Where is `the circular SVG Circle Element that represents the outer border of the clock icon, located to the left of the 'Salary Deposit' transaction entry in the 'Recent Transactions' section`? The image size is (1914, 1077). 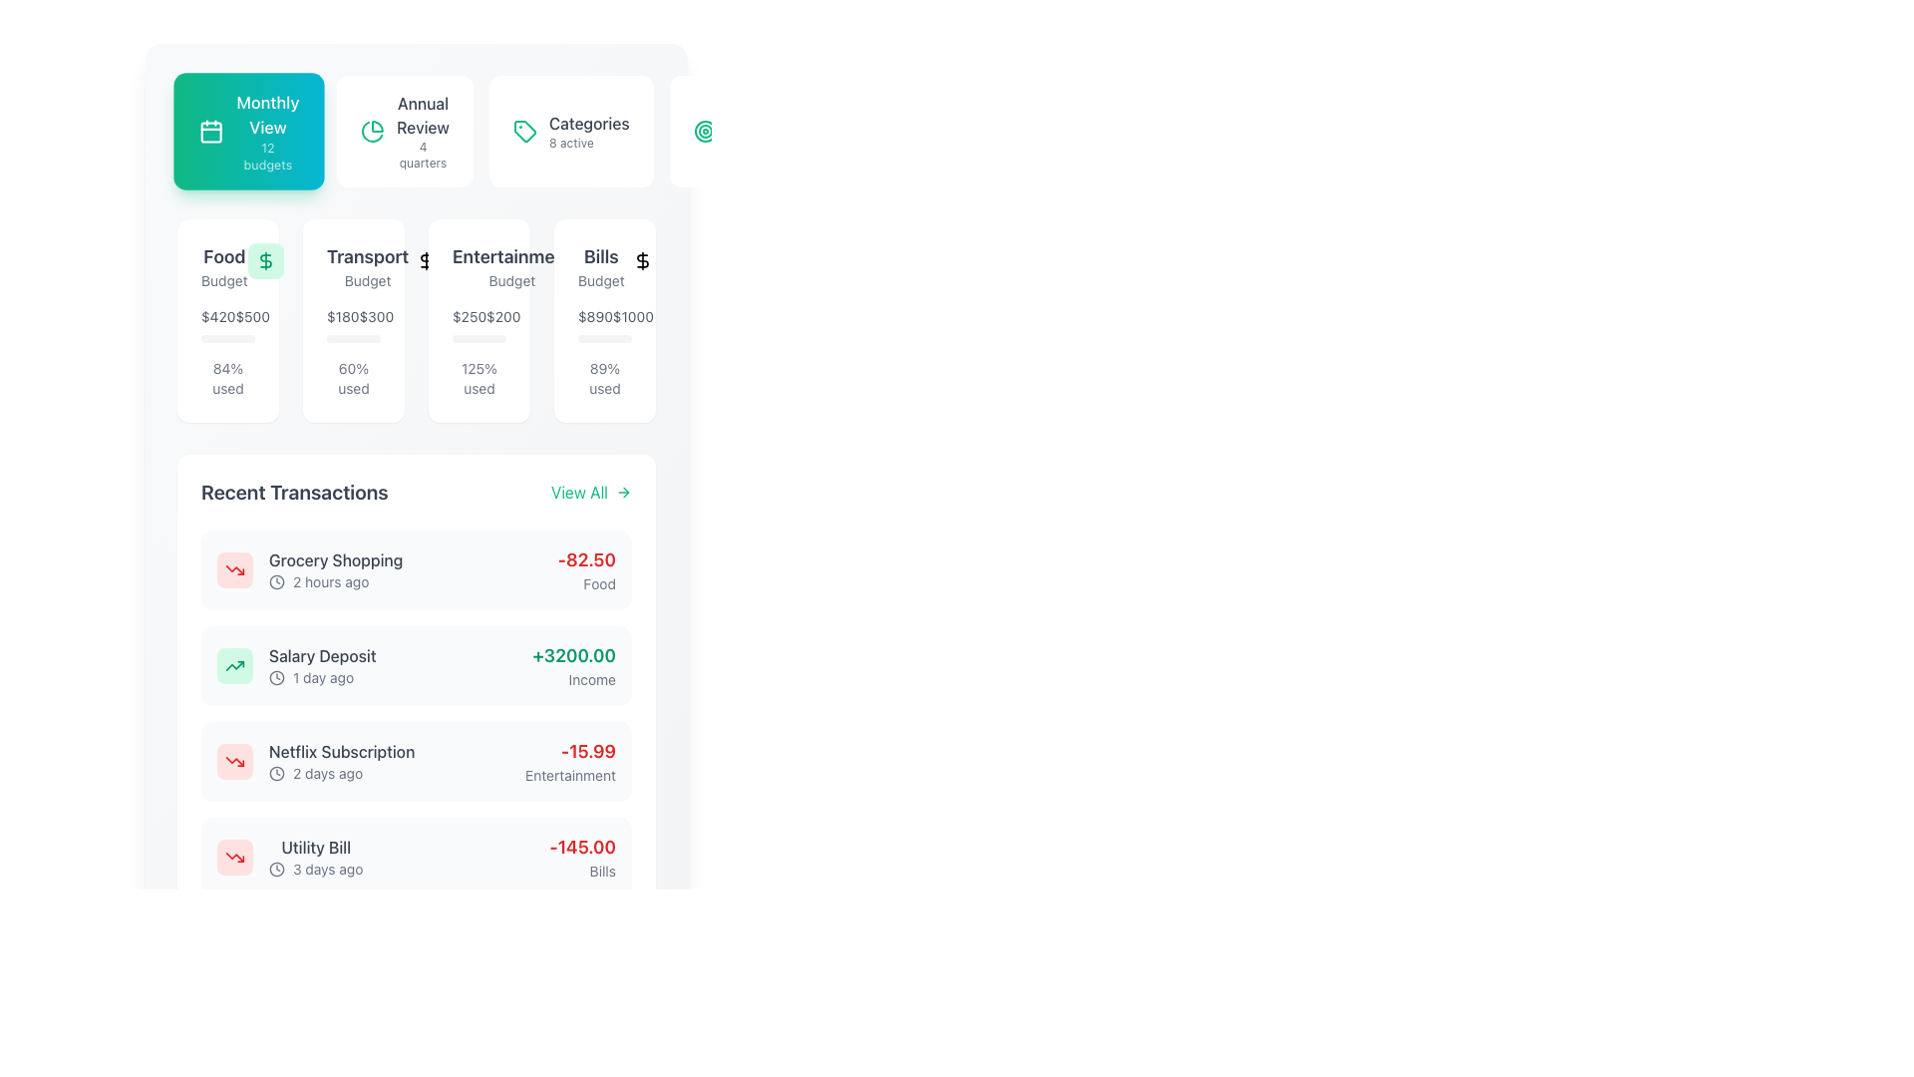
the circular SVG Circle Element that represents the outer border of the clock icon, located to the left of the 'Salary Deposit' transaction entry in the 'Recent Transactions' section is located at coordinates (276, 581).